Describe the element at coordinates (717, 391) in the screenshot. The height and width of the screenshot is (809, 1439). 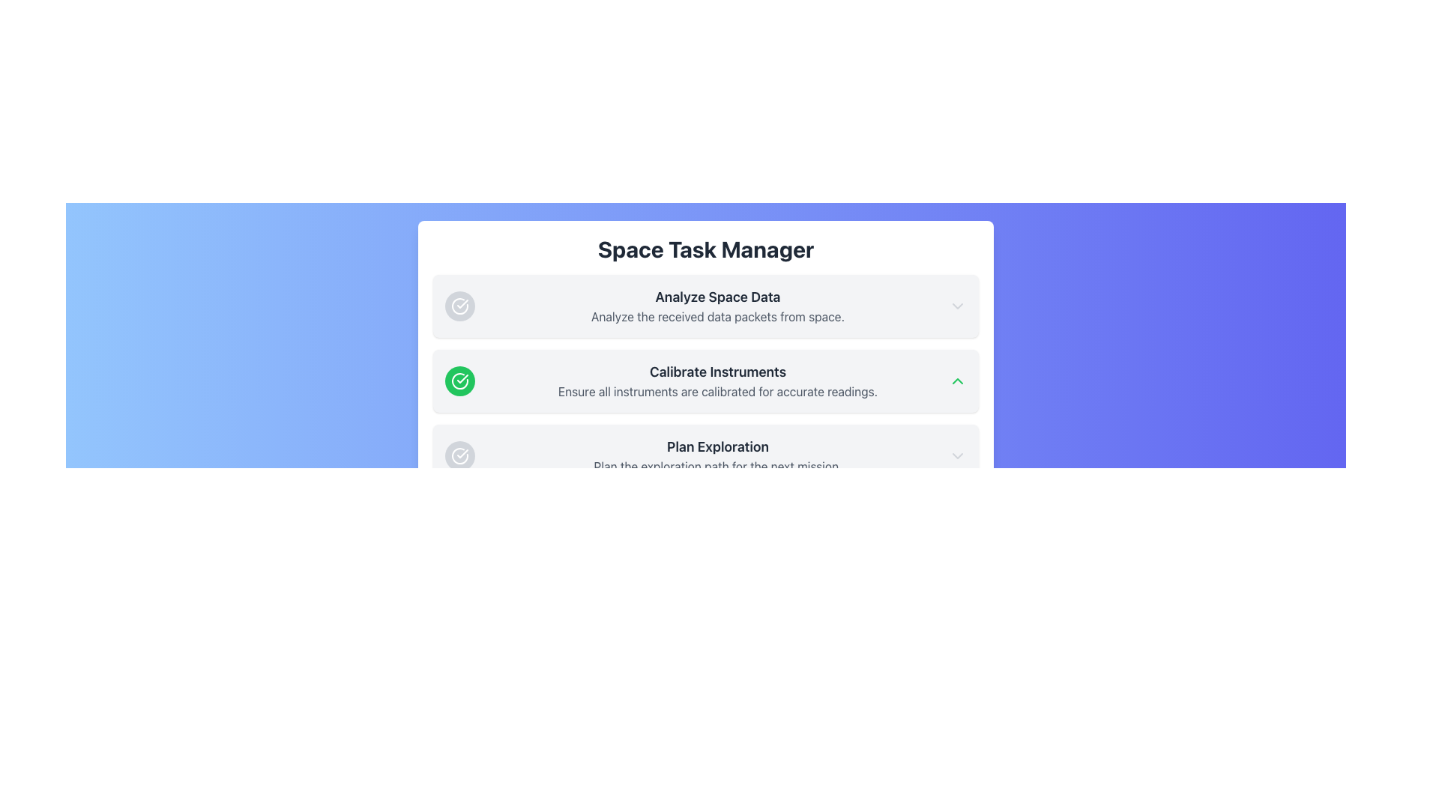
I see `the static text providing essential information related to calibrating instruments, which is located below the 'Calibrate Instruments' heading in a white rectangular section` at that location.